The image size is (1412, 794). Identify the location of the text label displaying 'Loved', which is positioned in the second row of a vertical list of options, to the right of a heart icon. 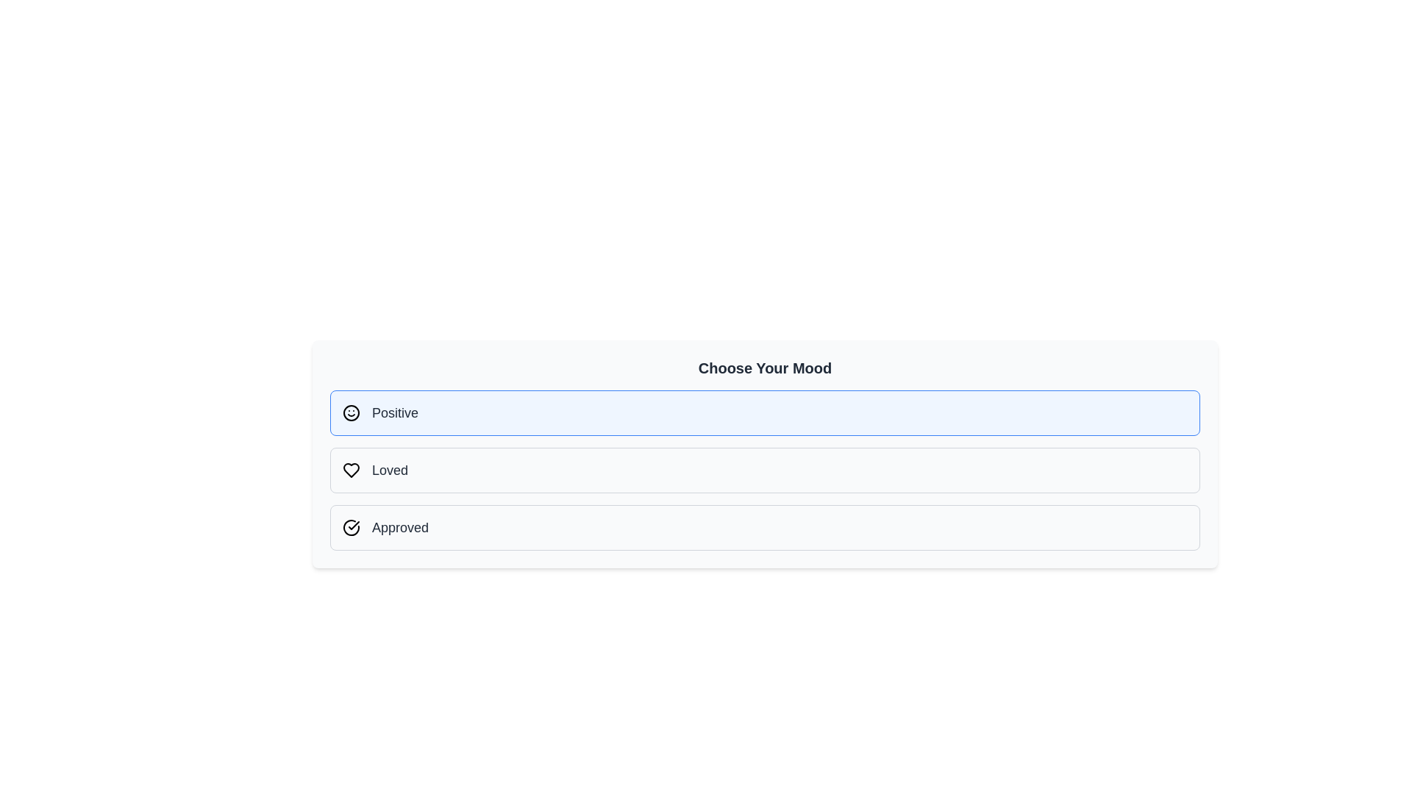
(390, 471).